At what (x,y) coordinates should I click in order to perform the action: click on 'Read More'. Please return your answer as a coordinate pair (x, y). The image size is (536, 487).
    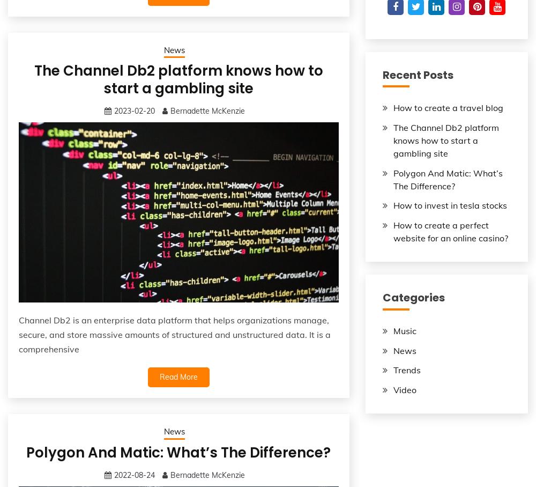
    Looking at the image, I should click on (177, 376).